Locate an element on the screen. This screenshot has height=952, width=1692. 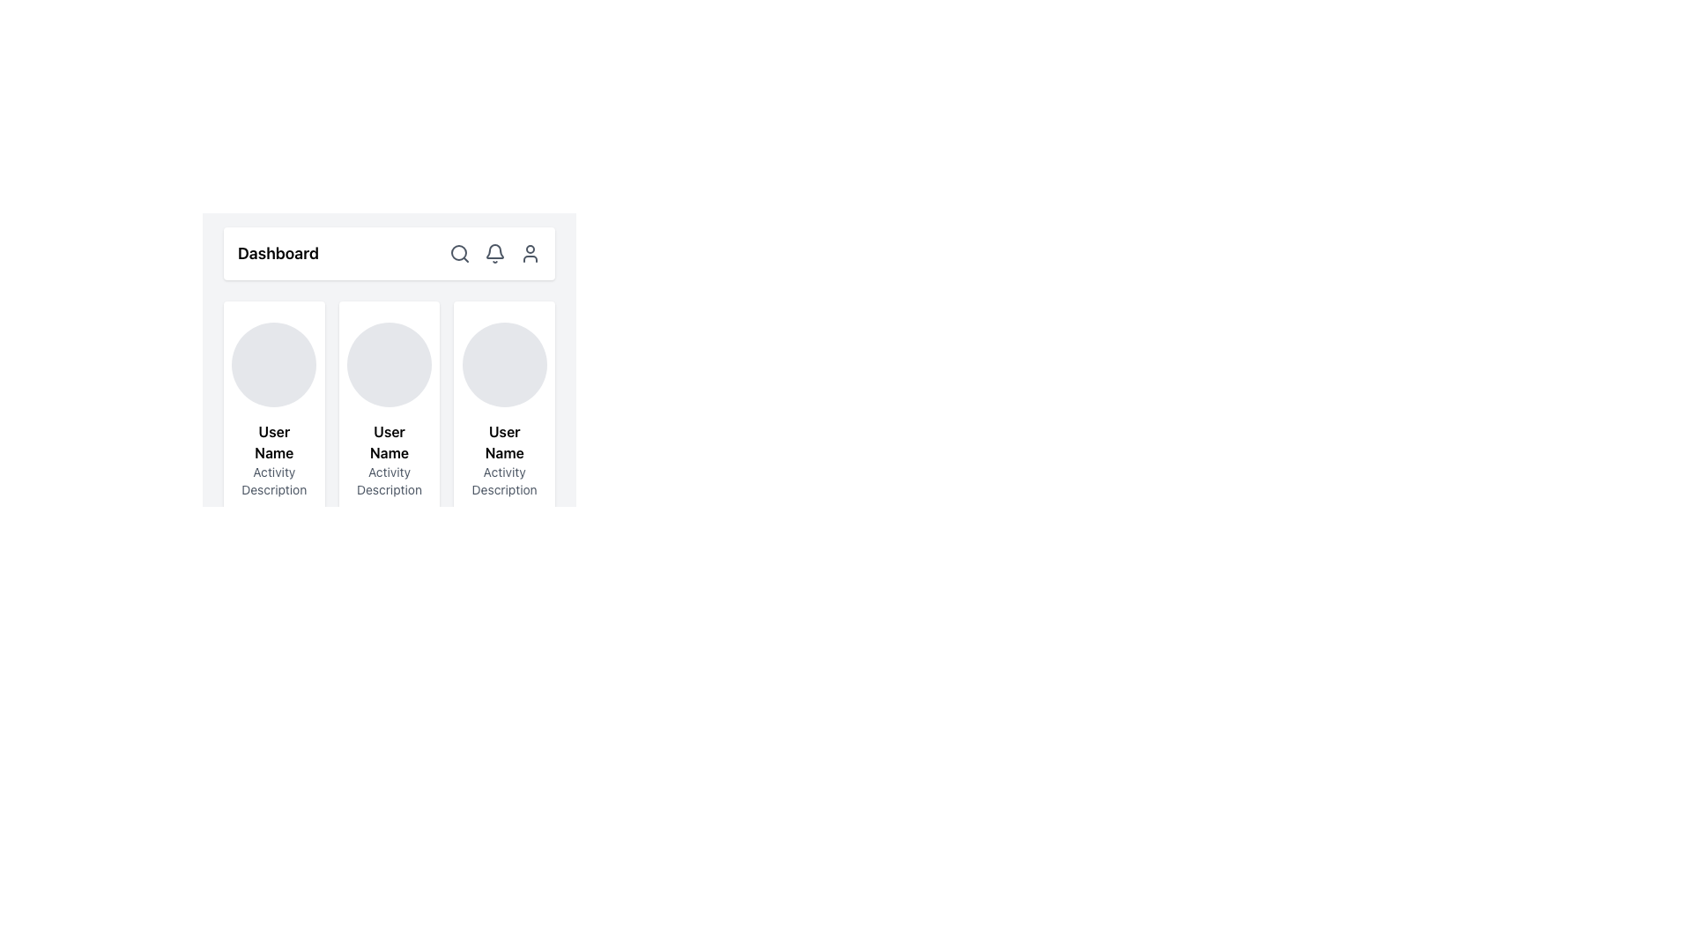
the text label displaying the user's name or title, which is the first item in a vertical stack above 'Activity Description' and below a circular placeholder in the top-left section of the interface is located at coordinates (273, 441).